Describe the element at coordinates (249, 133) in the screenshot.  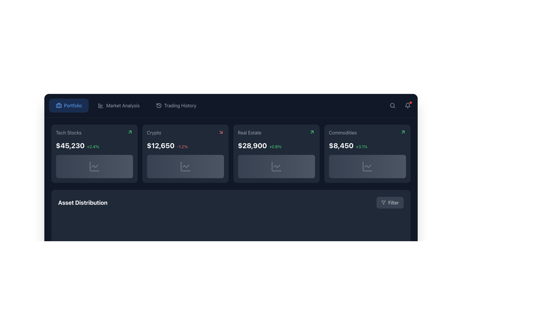
I see `the label or text element that serves as a title for the third card in a horizontal list, located at the top-left corner of the card` at that location.